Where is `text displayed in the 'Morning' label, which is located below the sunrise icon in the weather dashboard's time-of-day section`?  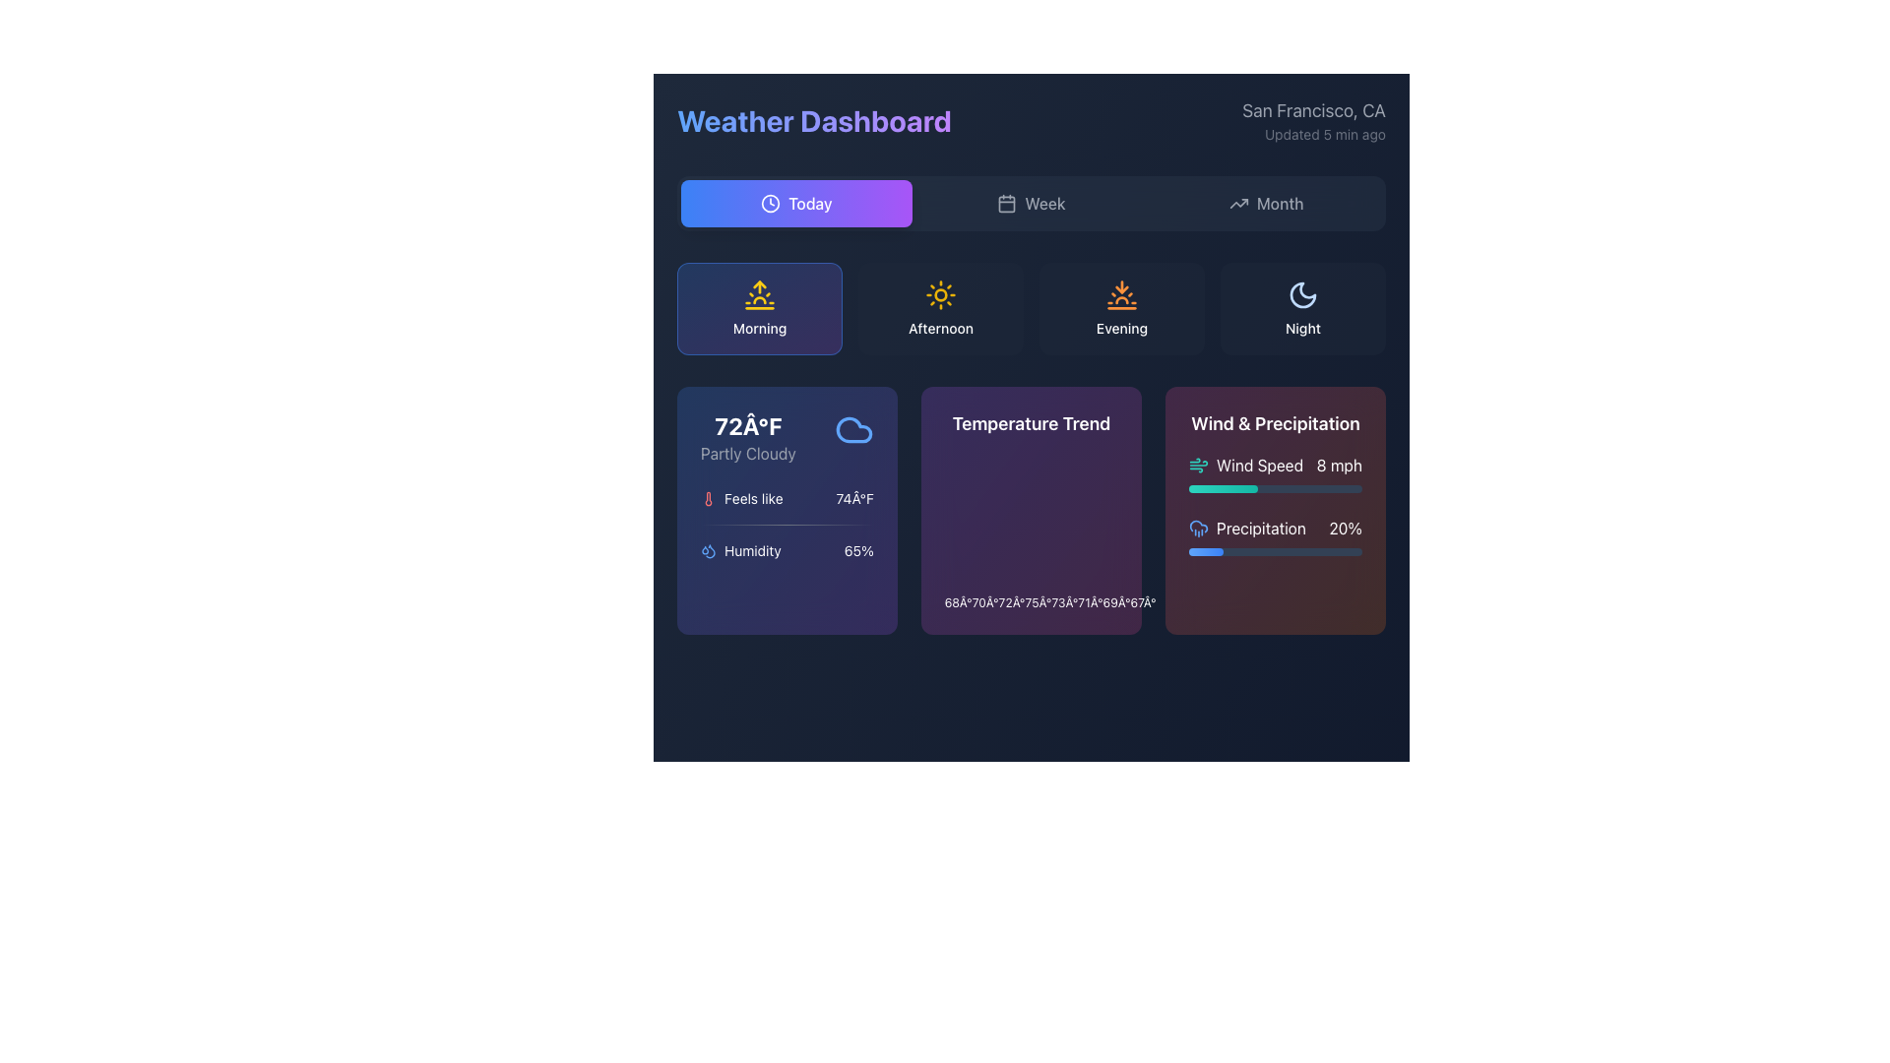
text displayed in the 'Morning' label, which is located below the sunrise icon in the weather dashboard's time-of-day section is located at coordinates (759, 328).